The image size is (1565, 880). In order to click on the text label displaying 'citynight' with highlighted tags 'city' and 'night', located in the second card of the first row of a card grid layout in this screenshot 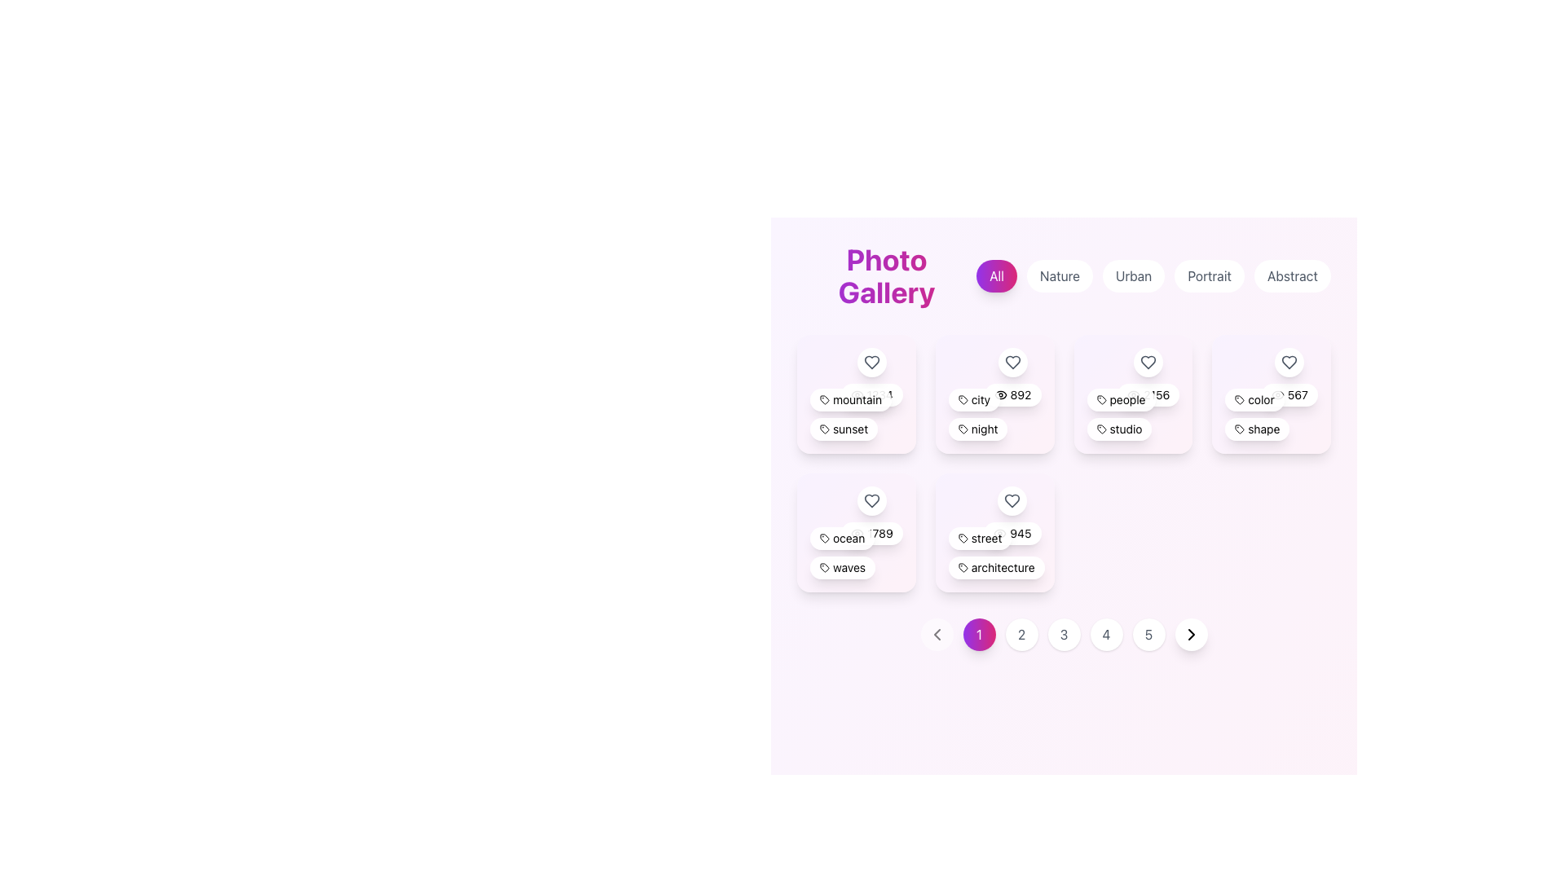, I will do `click(994, 413)`.